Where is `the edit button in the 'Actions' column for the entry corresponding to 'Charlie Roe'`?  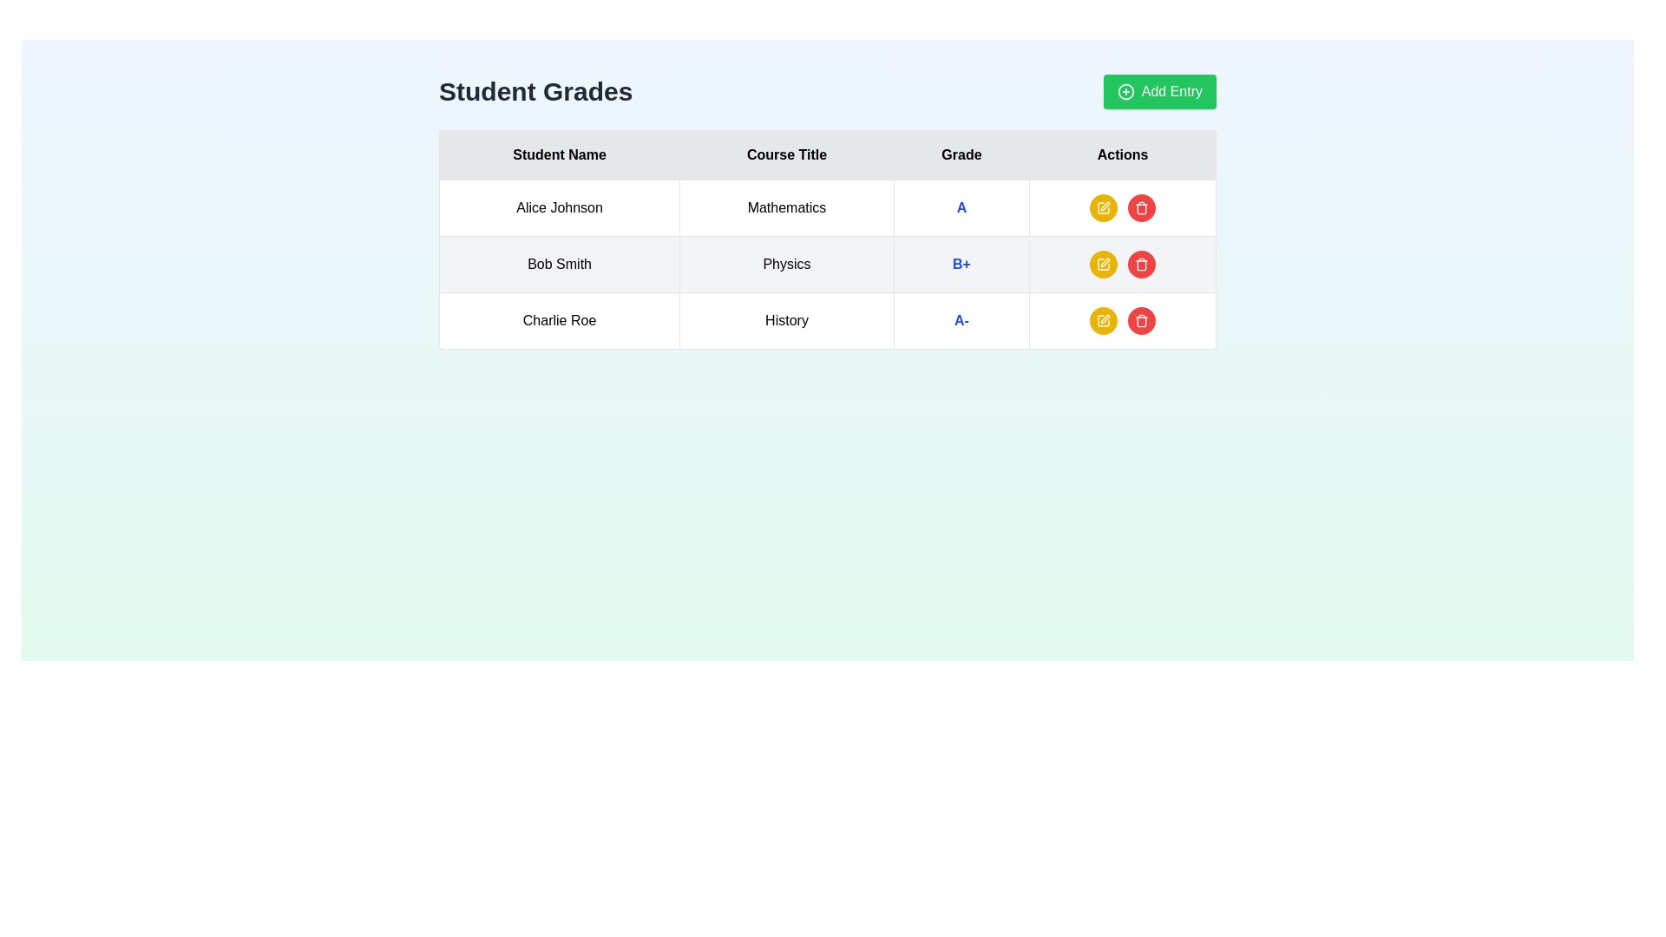 the edit button in the 'Actions' column for the entry corresponding to 'Charlie Roe' is located at coordinates (1105, 318).